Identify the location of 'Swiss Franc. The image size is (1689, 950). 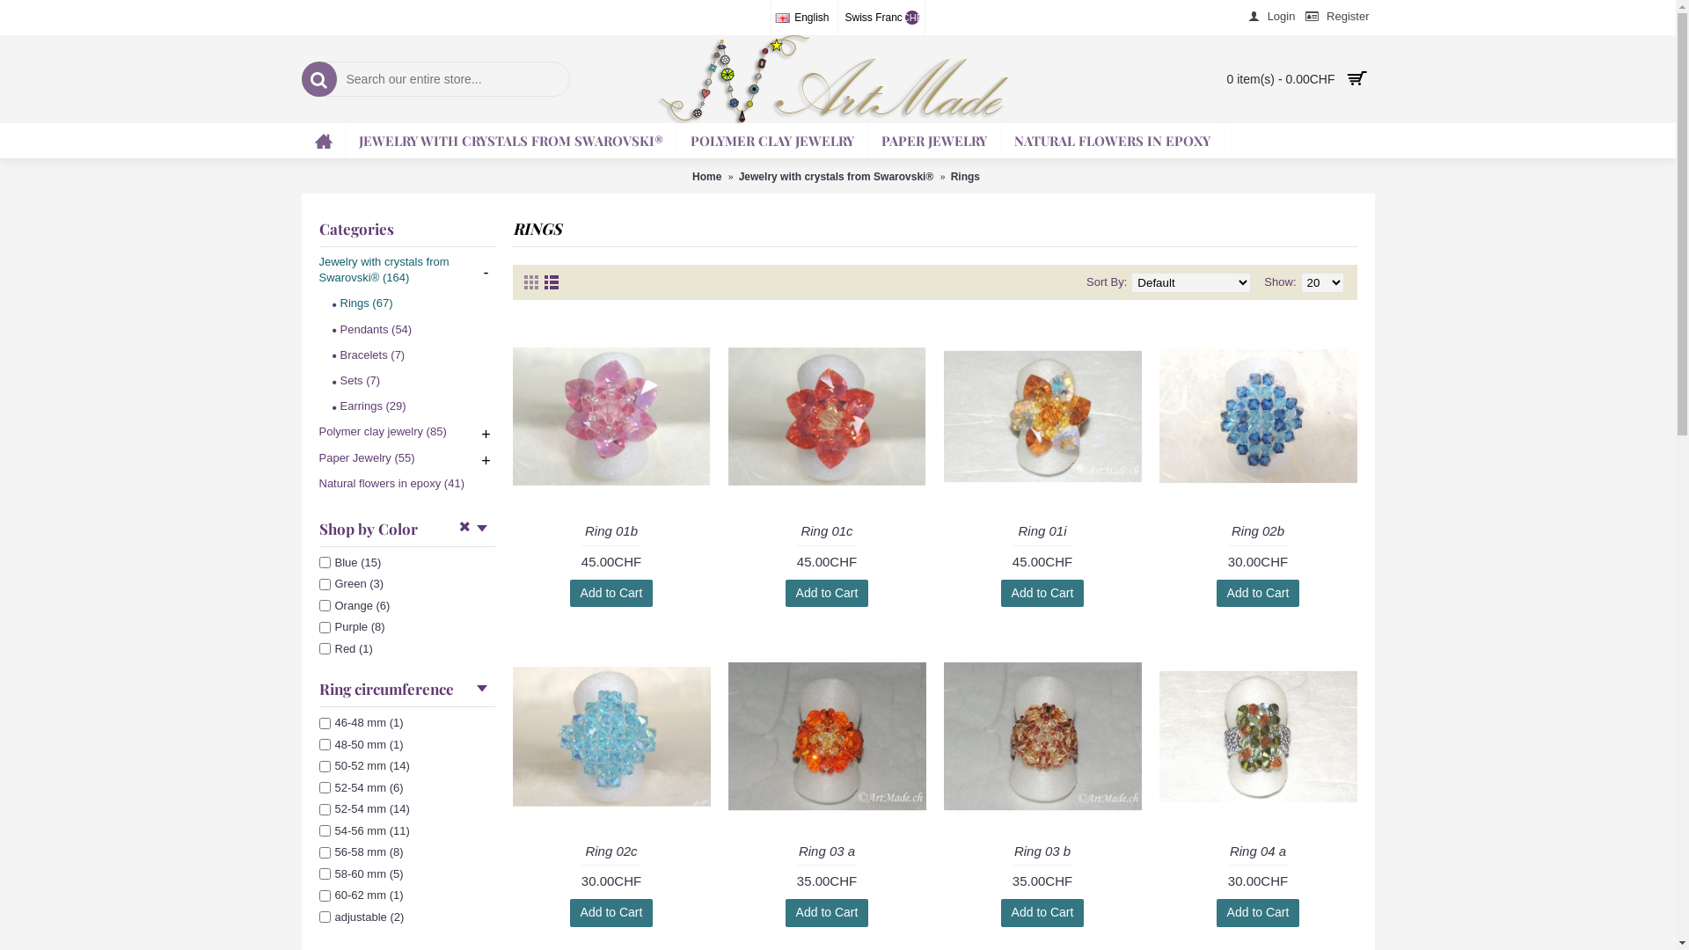
(881, 17).